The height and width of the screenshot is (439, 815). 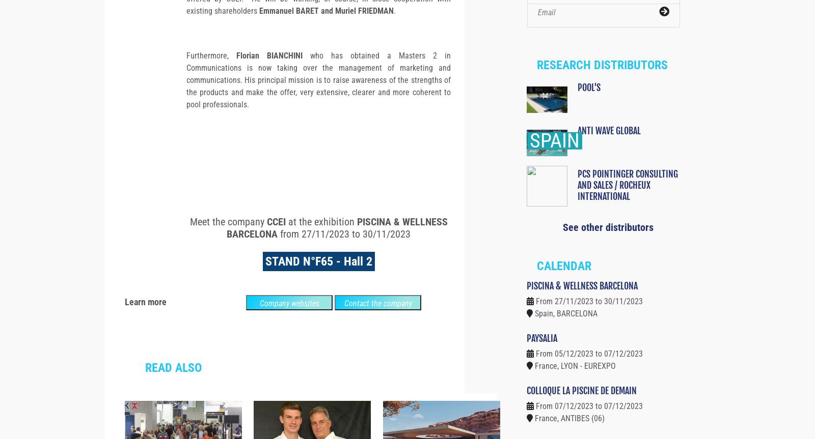 I want to click on 'From 27/11/2023 to 30/11/2023', so click(x=589, y=318).